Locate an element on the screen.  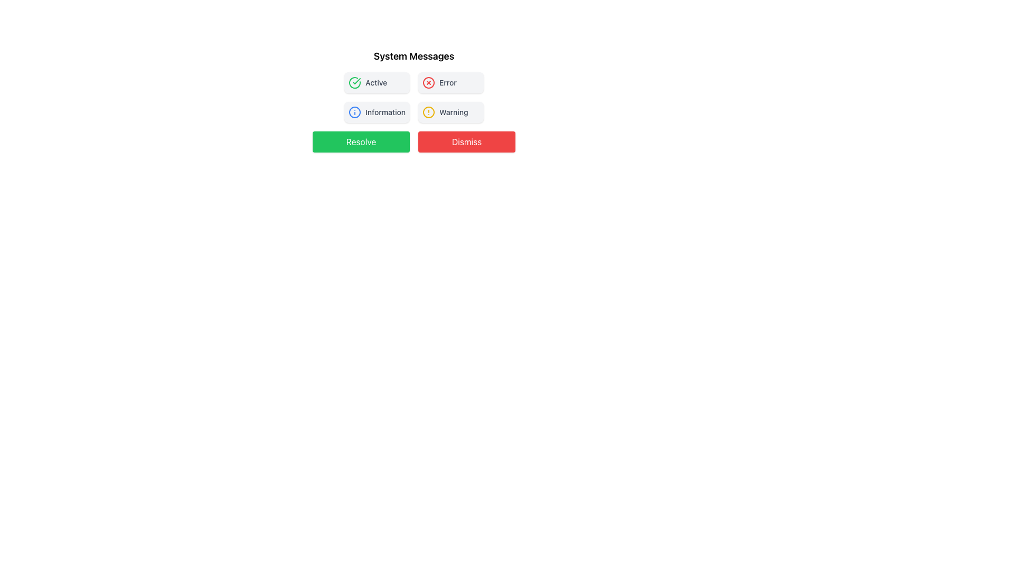
the 'Active' text label located in the upper section of the interface, centered horizontally within a rectangular card with an icon to its left is located at coordinates (376, 82).